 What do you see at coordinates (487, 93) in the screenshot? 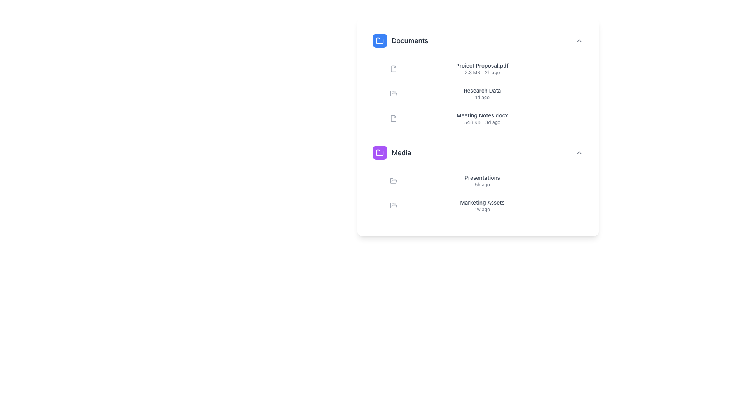
I see `the list item labeled 'Research Data'` at bounding box center [487, 93].